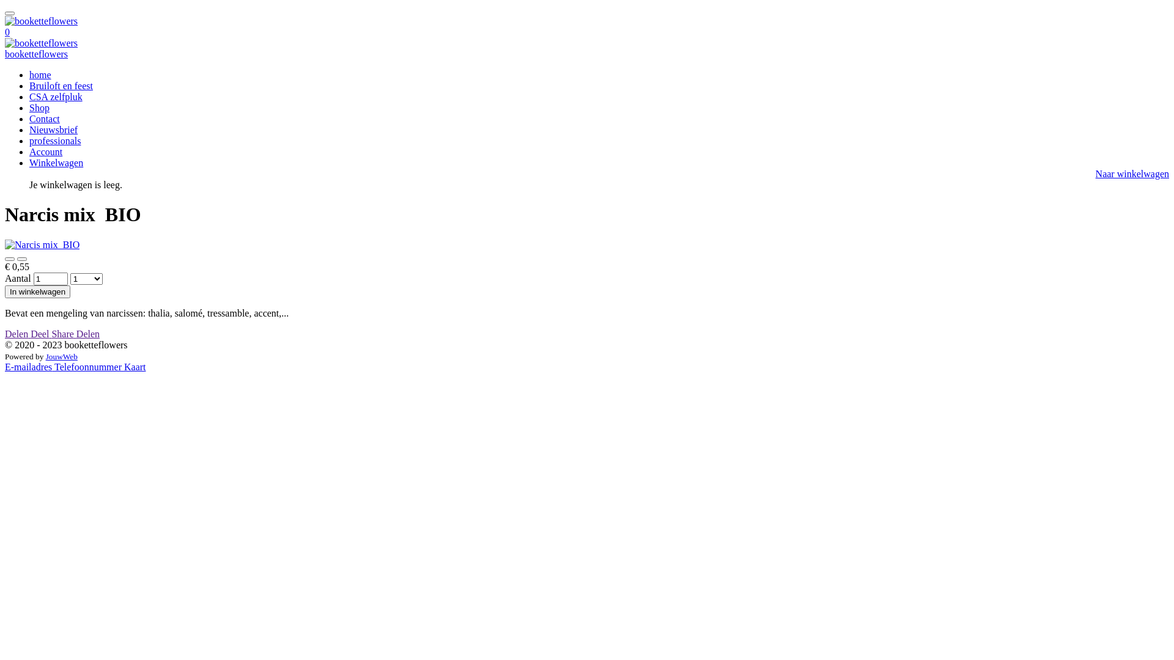 The width and height of the screenshot is (1174, 660). What do you see at coordinates (63, 334) in the screenshot?
I see `'Share'` at bounding box center [63, 334].